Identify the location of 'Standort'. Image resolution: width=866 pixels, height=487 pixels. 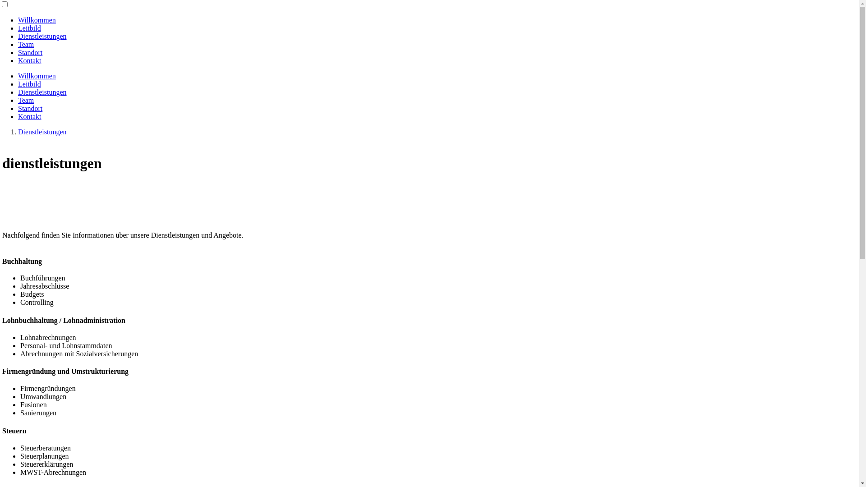
(18, 52).